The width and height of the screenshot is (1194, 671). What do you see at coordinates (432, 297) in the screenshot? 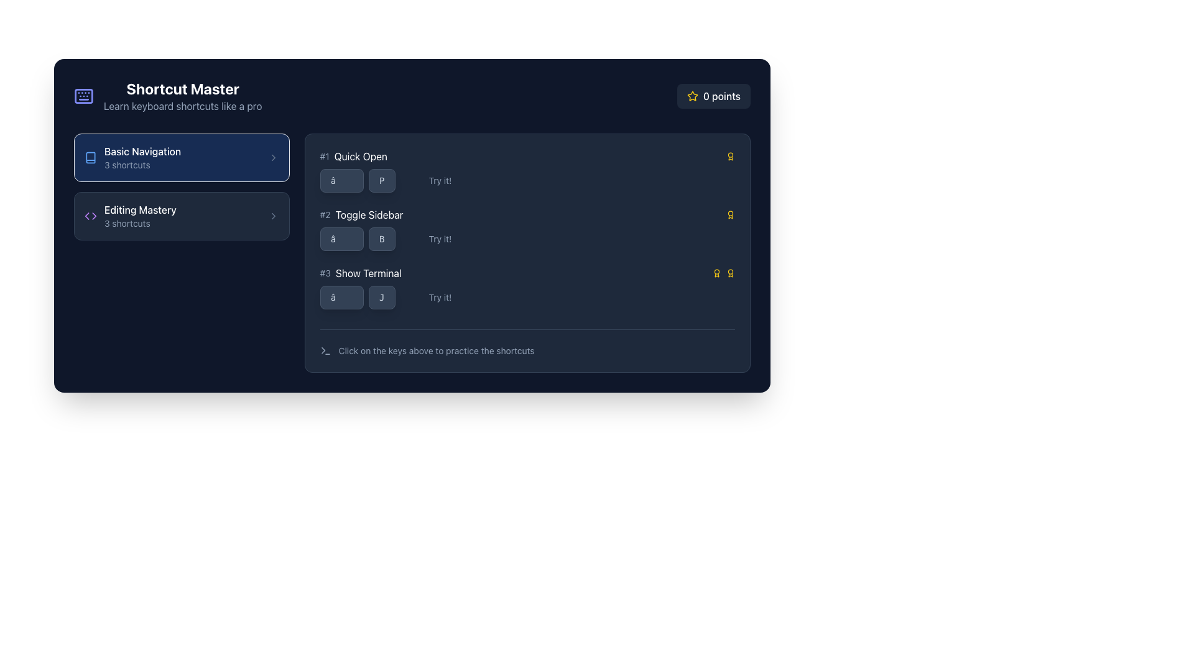
I see `the 'Show Terminal' Text Label, which is positioned to the immediate right of the 'J' button in the settings panel` at bounding box center [432, 297].